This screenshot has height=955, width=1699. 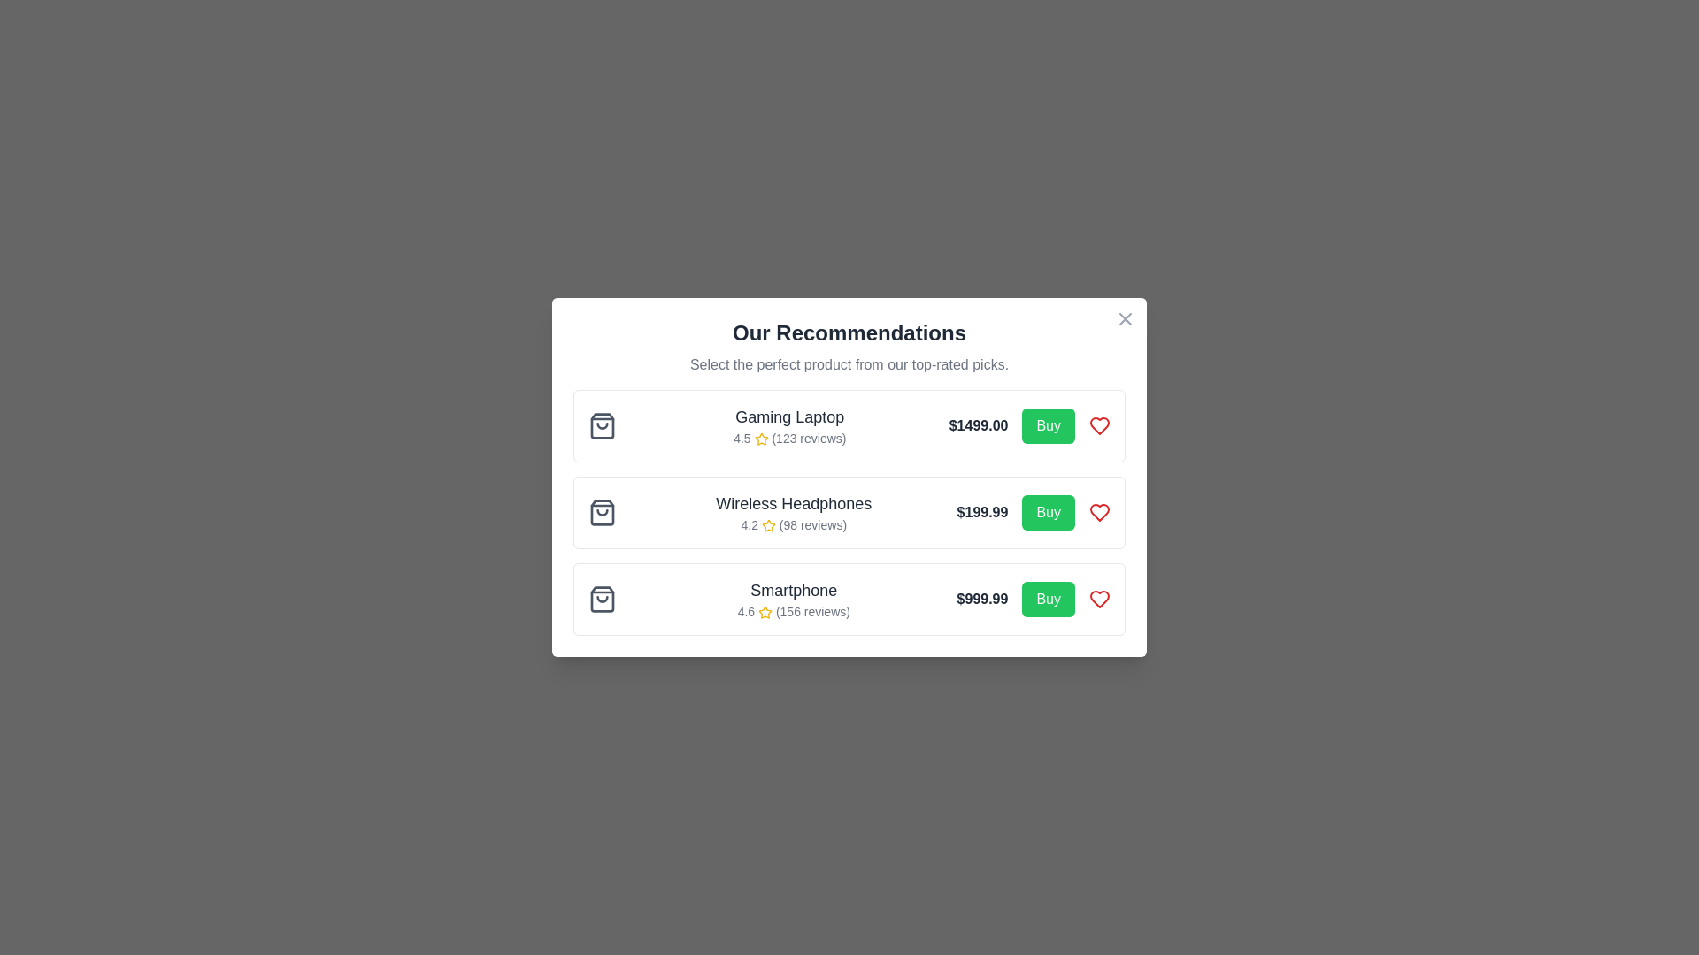 I want to click on the close or dismiss icon located in the top-right corner of the white rectangular dialog window, so click(x=1125, y=319).